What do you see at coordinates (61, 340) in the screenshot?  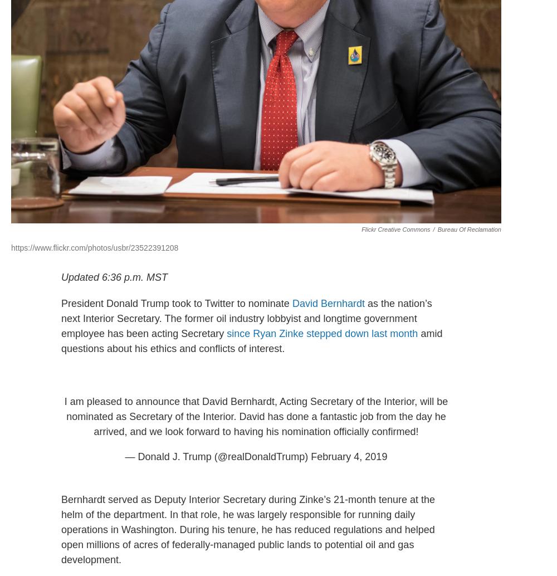 I see `'amid questions about his ethics and conflicts of interest.'` at bounding box center [61, 340].